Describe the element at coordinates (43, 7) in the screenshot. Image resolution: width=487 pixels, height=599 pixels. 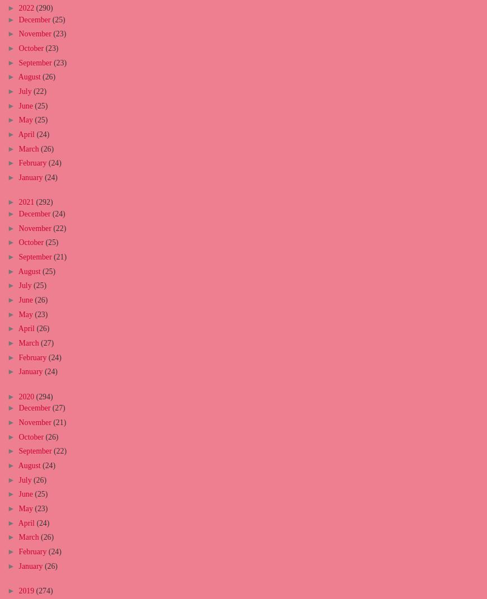
I see `'(290)'` at that location.